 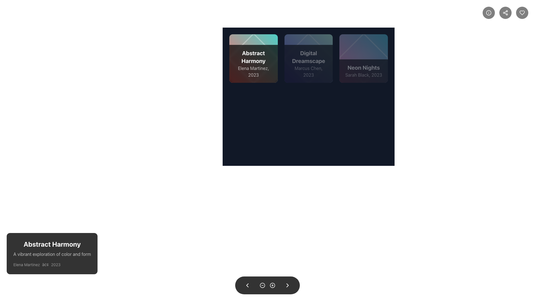 What do you see at coordinates (308, 63) in the screenshot?
I see `content displayed in the informational panel located at the bottom segment of the second card in a row of three cards on a dark background` at bounding box center [308, 63].